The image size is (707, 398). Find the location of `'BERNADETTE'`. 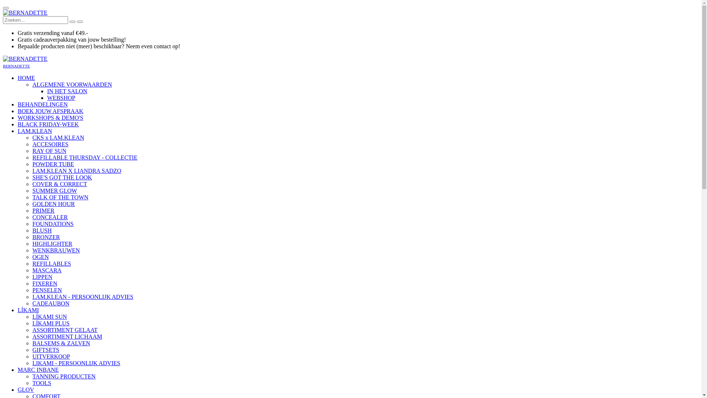

'BERNADETTE' is located at coordinates (25, 13).